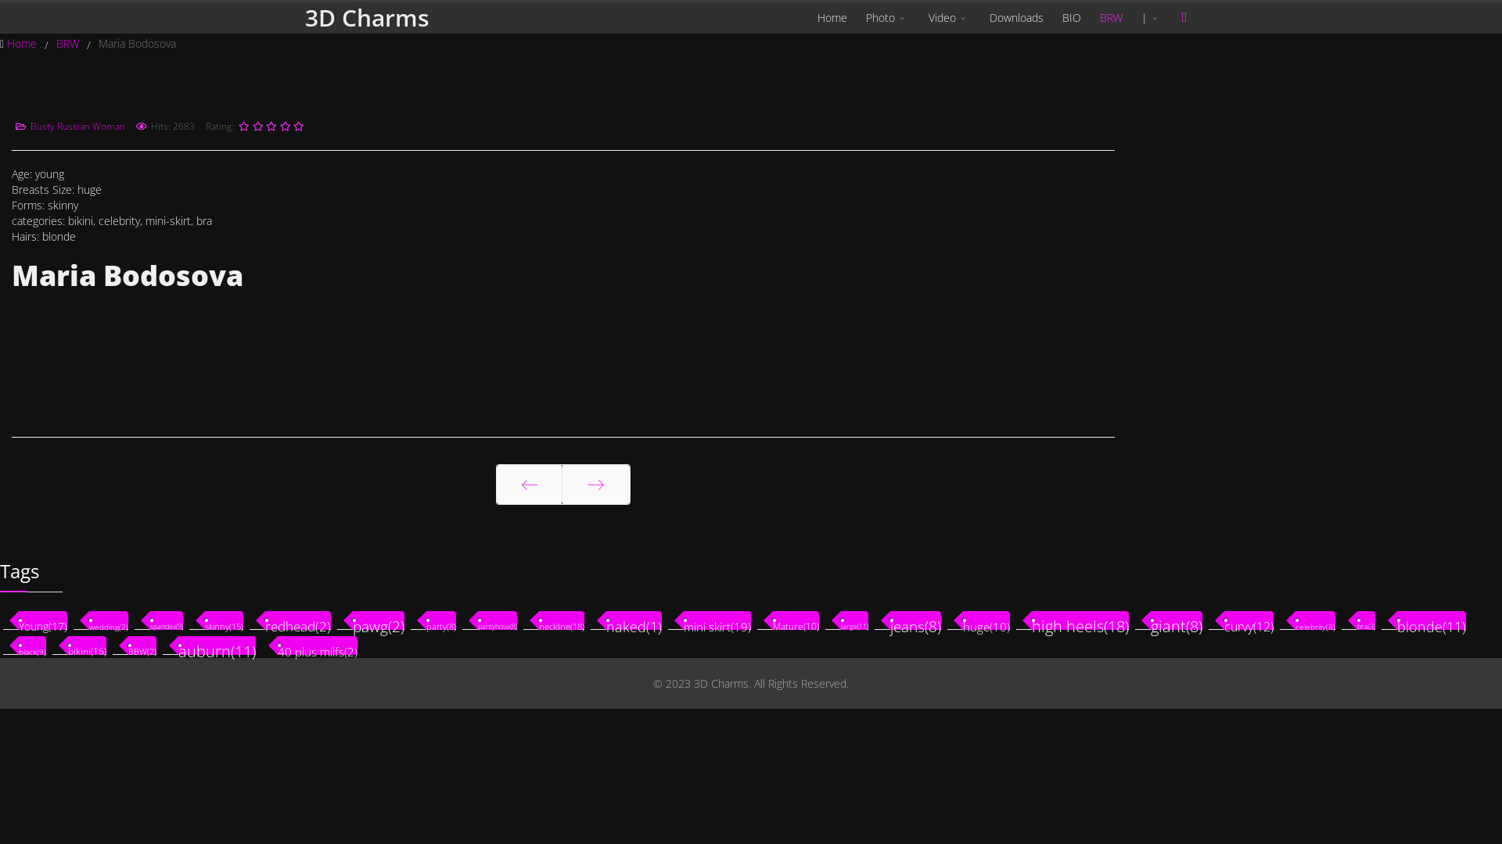 The height and width of the screenshot is (844, 1502). What do you see at coordinates (1431, 620) in the screenshot?
I see `'blonde(11)'` at bounding box center [1431, 620].